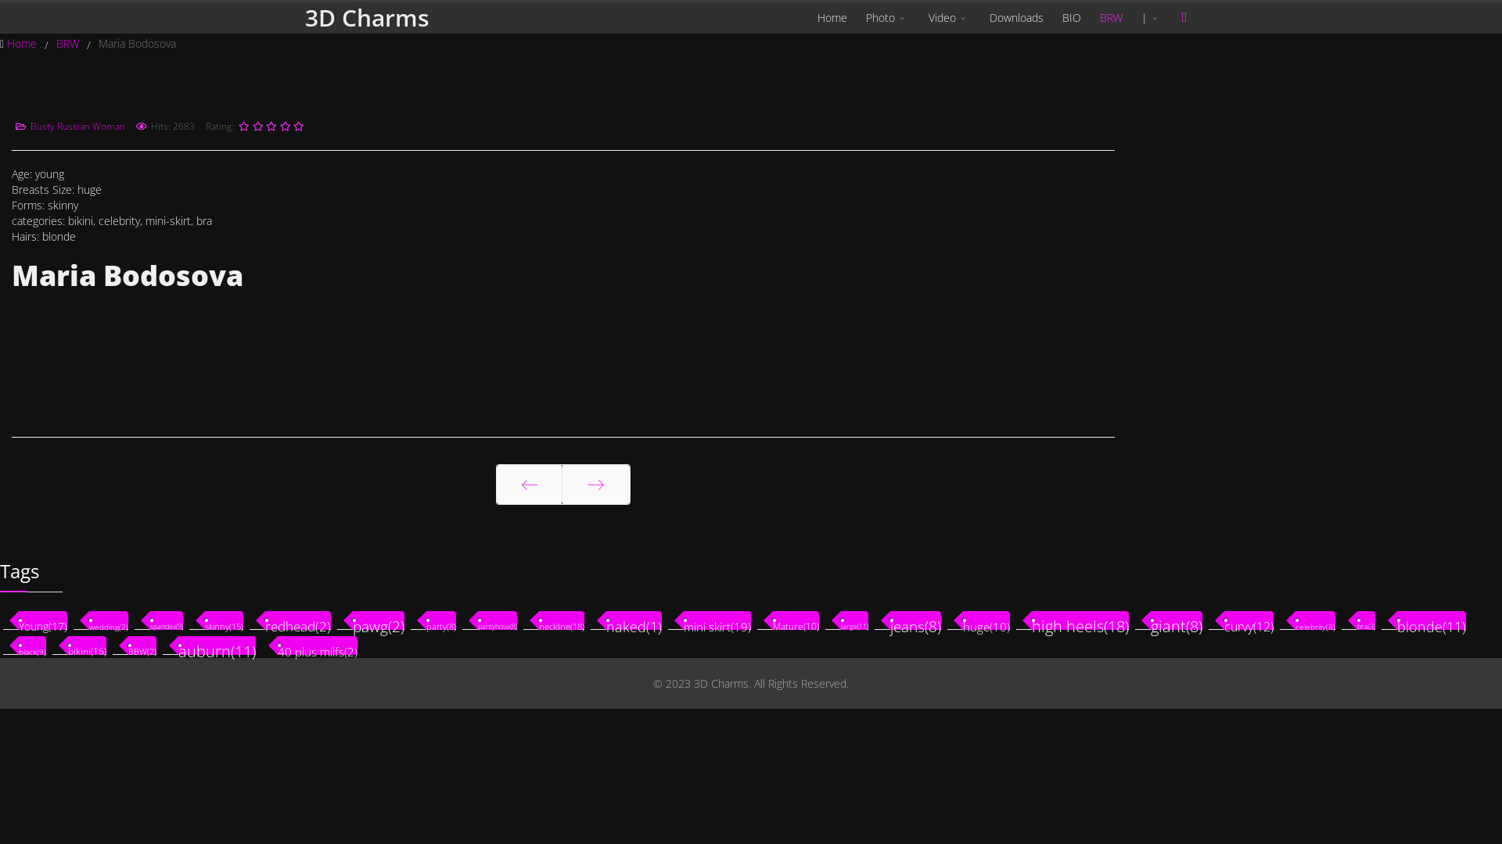 The height and width of the screenshot is (844, 1502). What do you see at coordinates (1431, 620) in the screenshot?
I see `'blonde(11)'` at bounding box center [1431, 620].